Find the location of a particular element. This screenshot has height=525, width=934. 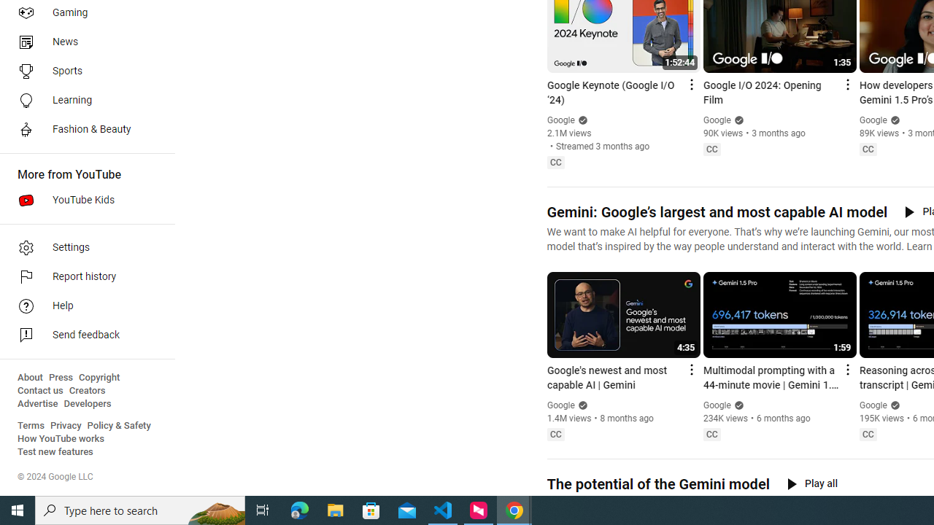

'Play all' is located at coordinates (811, 483).